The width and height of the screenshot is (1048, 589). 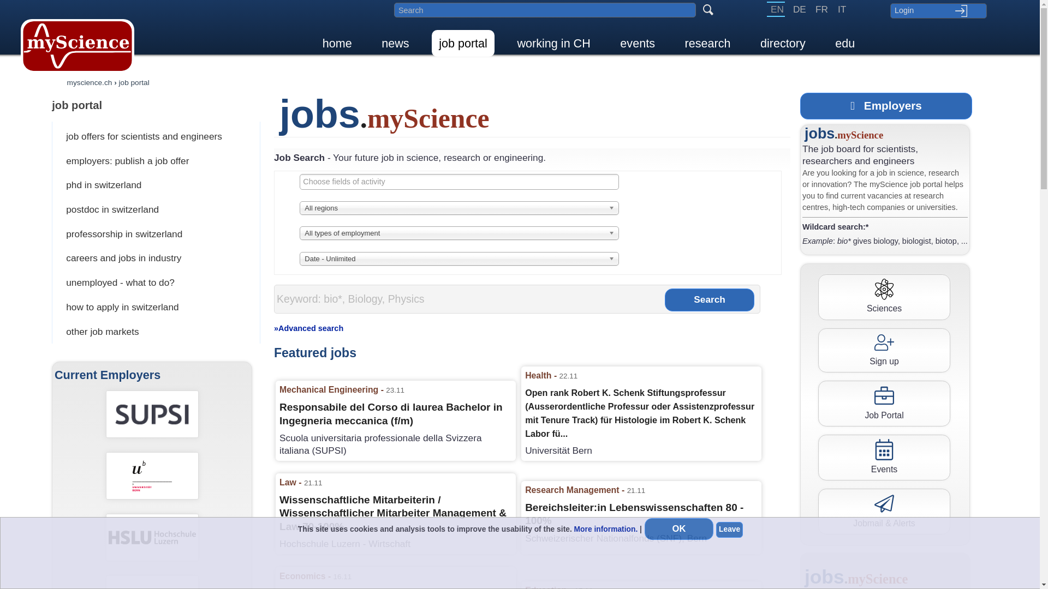 I want to click on 'edu', so click(x=844, y=43).